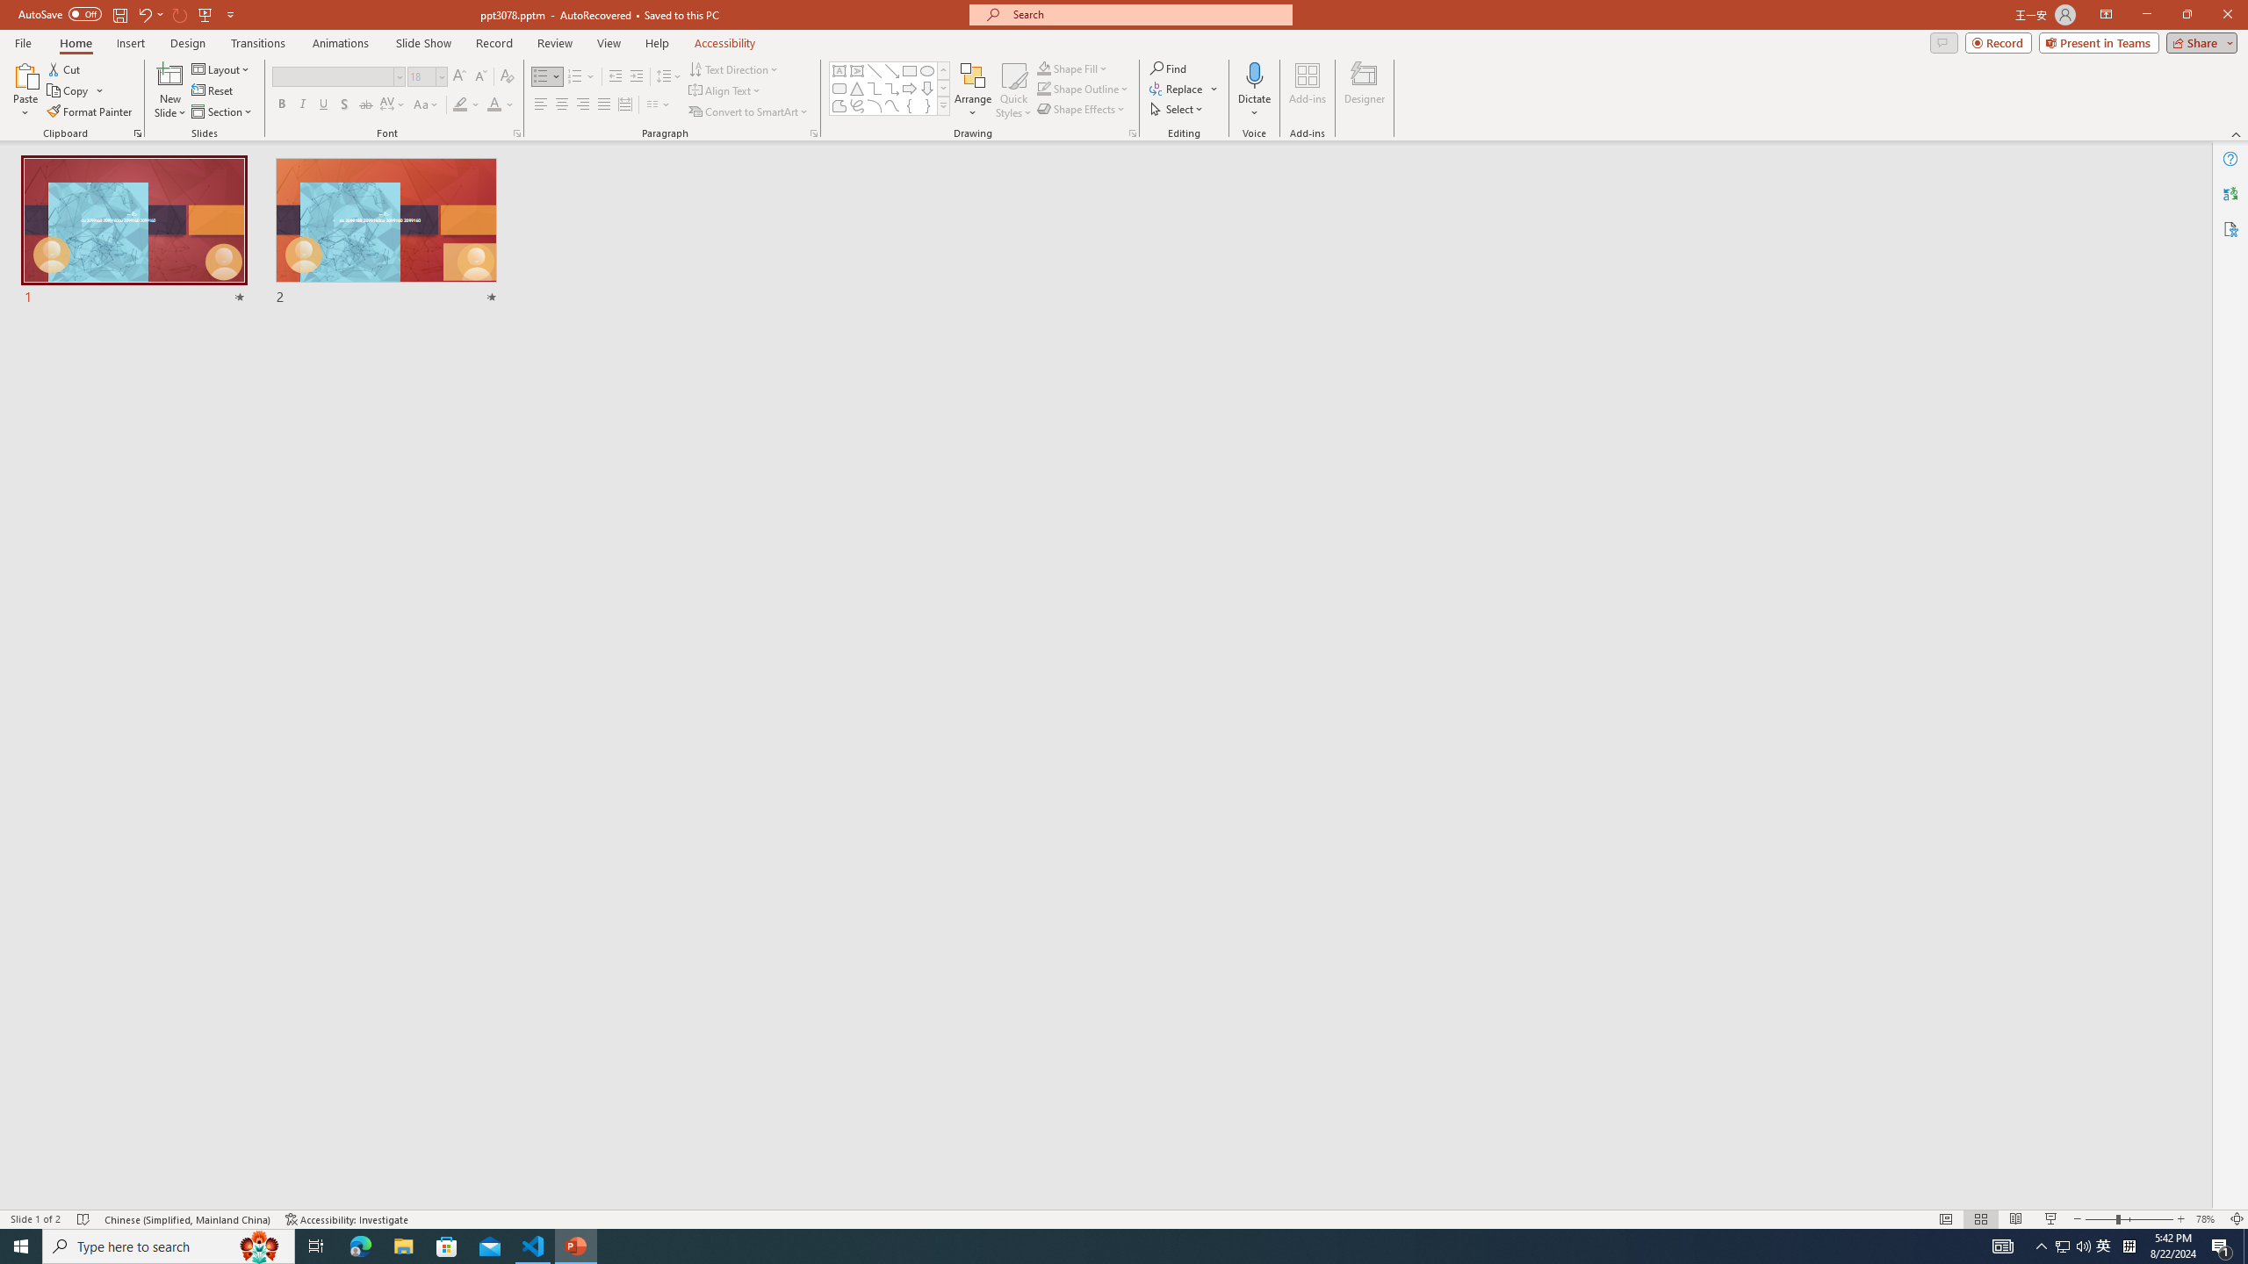 This screenshot has height=1264, width=2248. I want to click on 'Zoom 78%', so click(2208, 1219).